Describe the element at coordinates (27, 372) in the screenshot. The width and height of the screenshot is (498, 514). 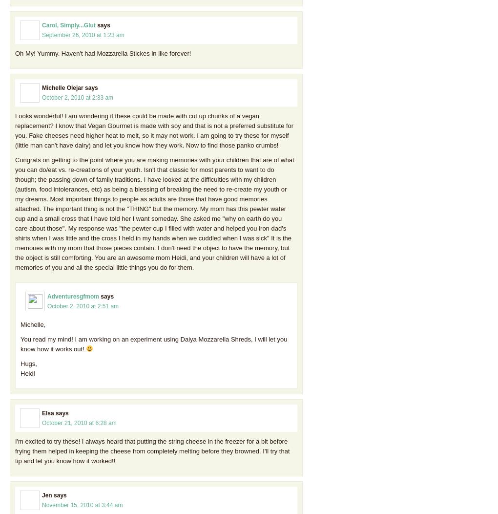
I see `'Heidi'` at that location.